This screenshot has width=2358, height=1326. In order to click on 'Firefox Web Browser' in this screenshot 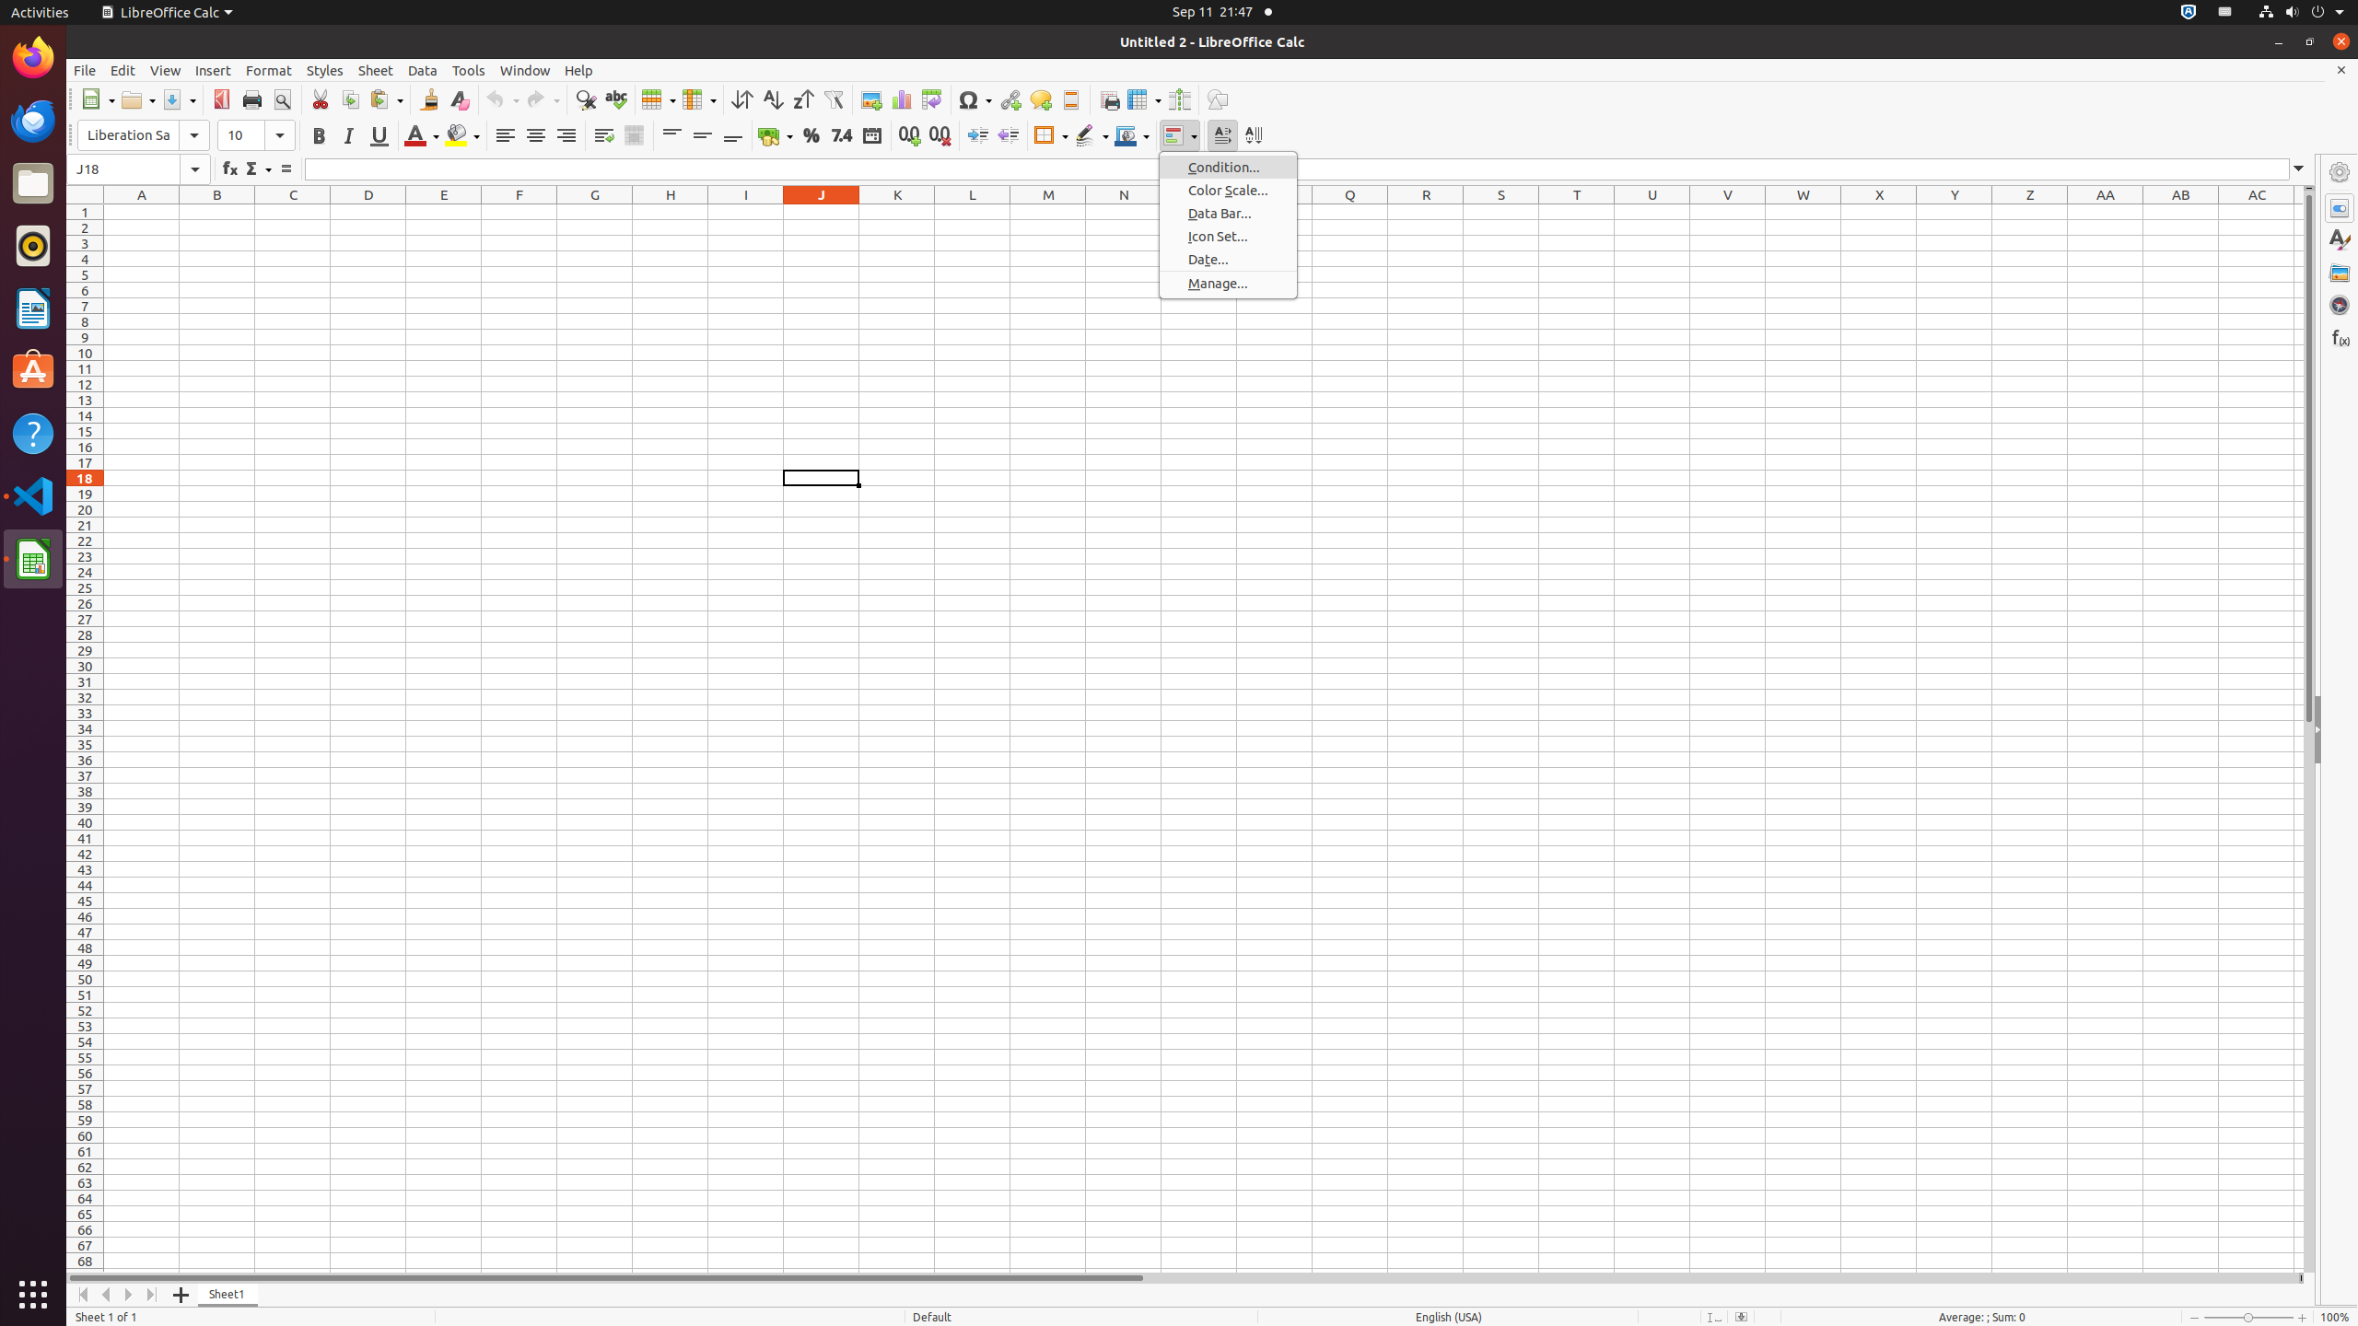, I will do `click(33, 56)`.